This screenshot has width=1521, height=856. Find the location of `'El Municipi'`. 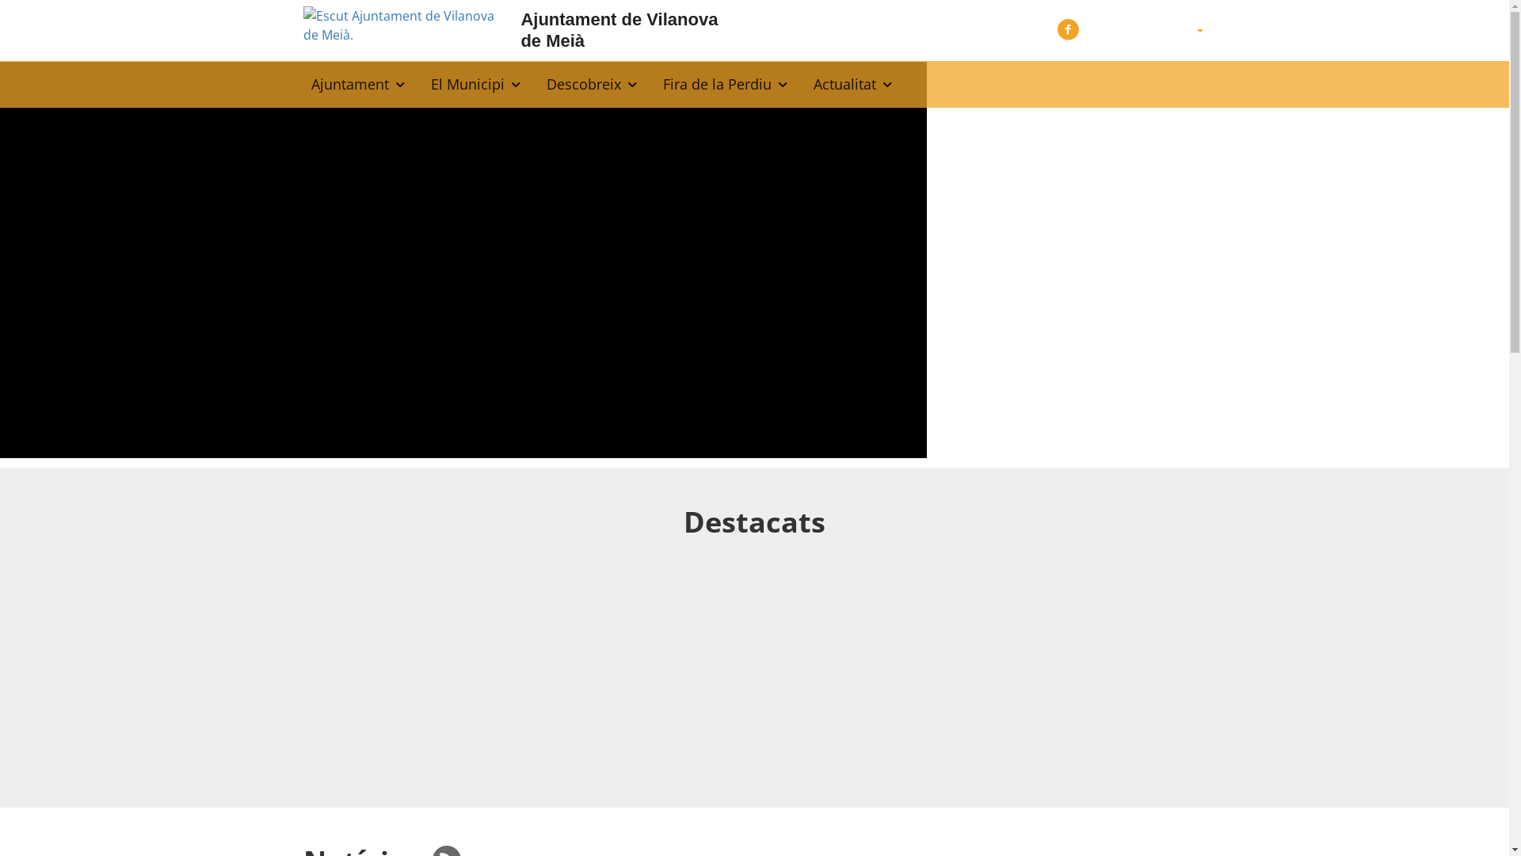

'El Municipi' is located at coordinates (475, 84).